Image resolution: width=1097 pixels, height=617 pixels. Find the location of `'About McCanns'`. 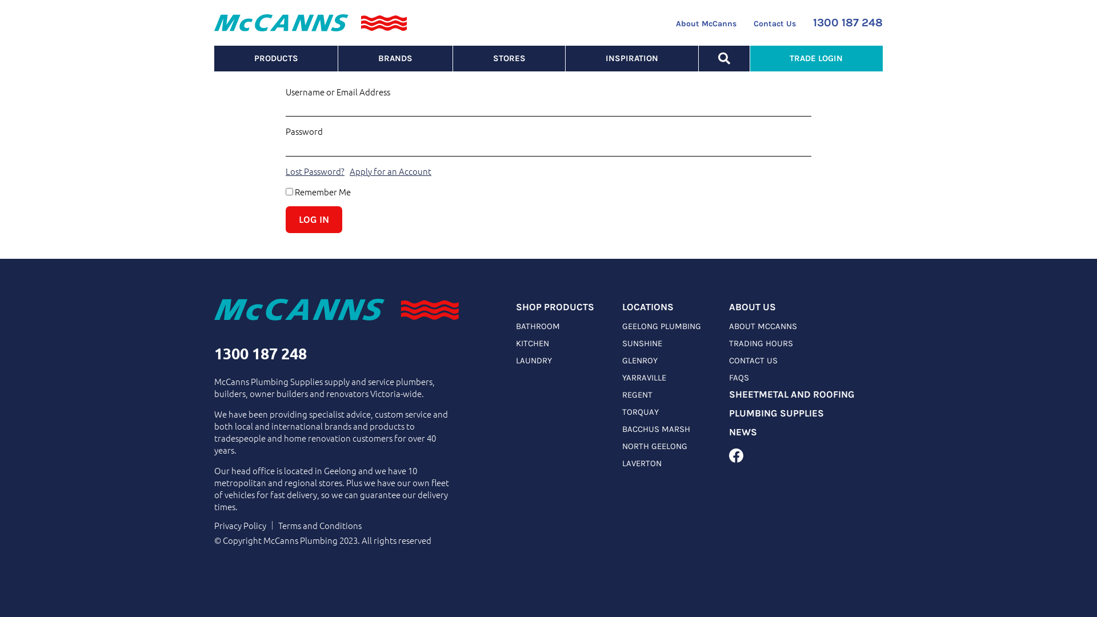

'About McCanns' is located at coordinates (706, 23).